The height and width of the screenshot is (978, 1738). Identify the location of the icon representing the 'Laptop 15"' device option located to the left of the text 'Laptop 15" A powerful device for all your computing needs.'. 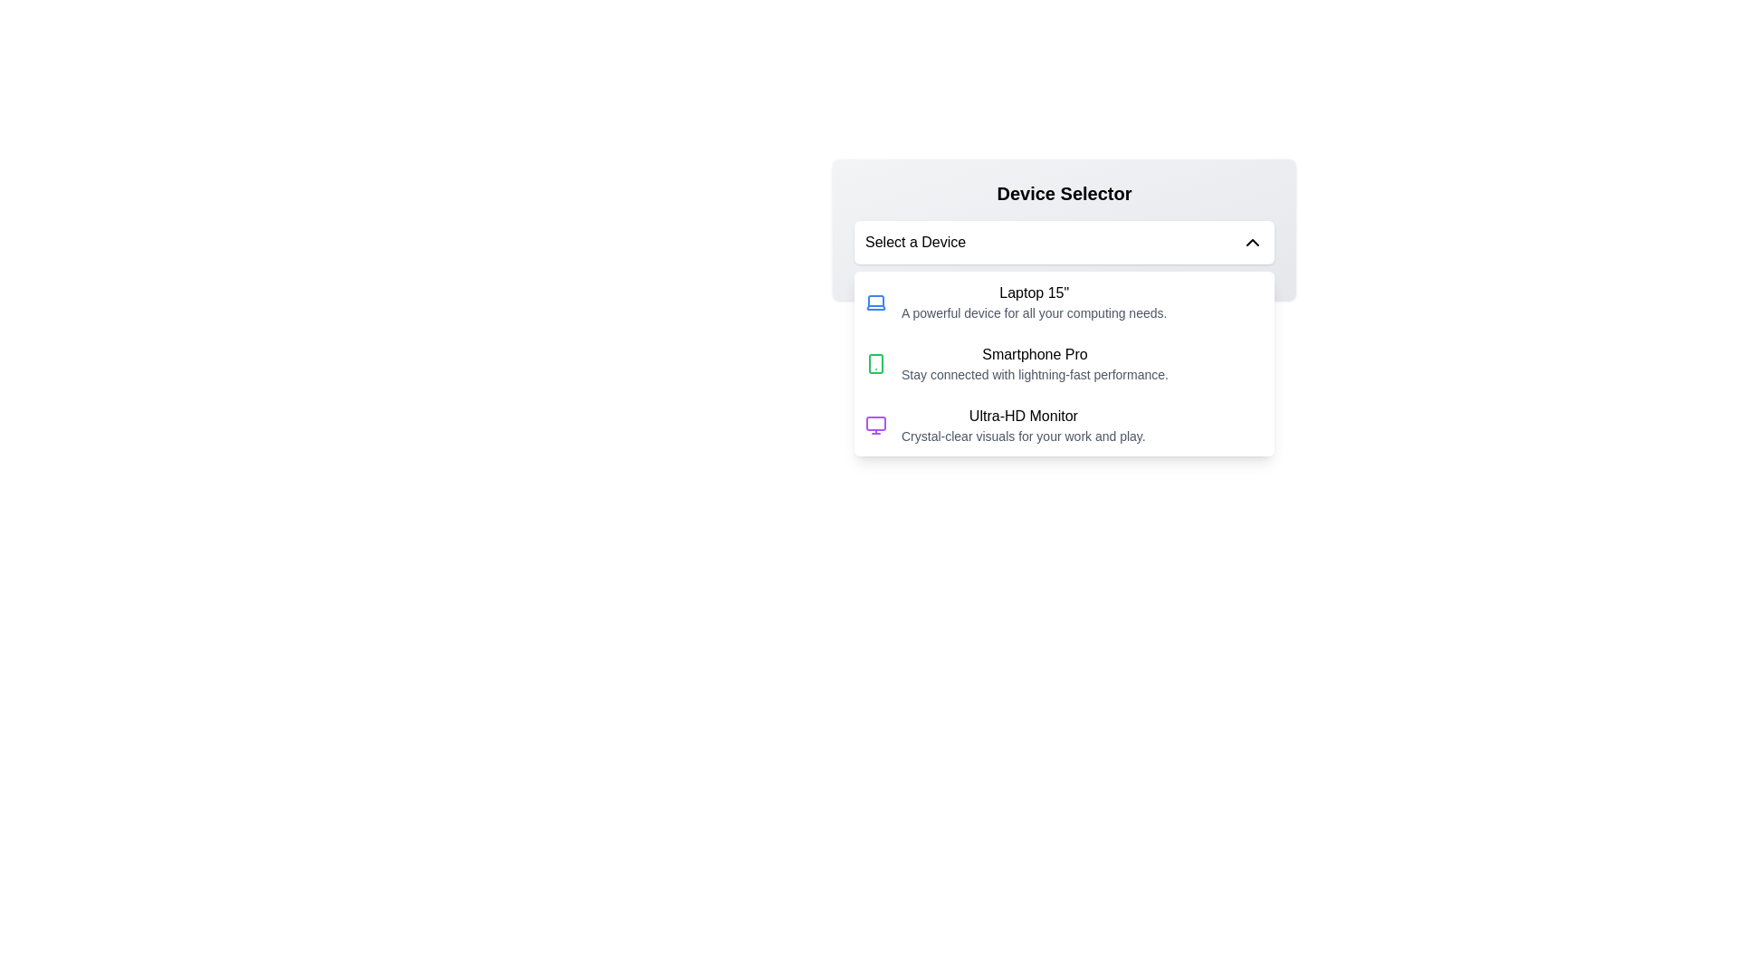
(876, 302).